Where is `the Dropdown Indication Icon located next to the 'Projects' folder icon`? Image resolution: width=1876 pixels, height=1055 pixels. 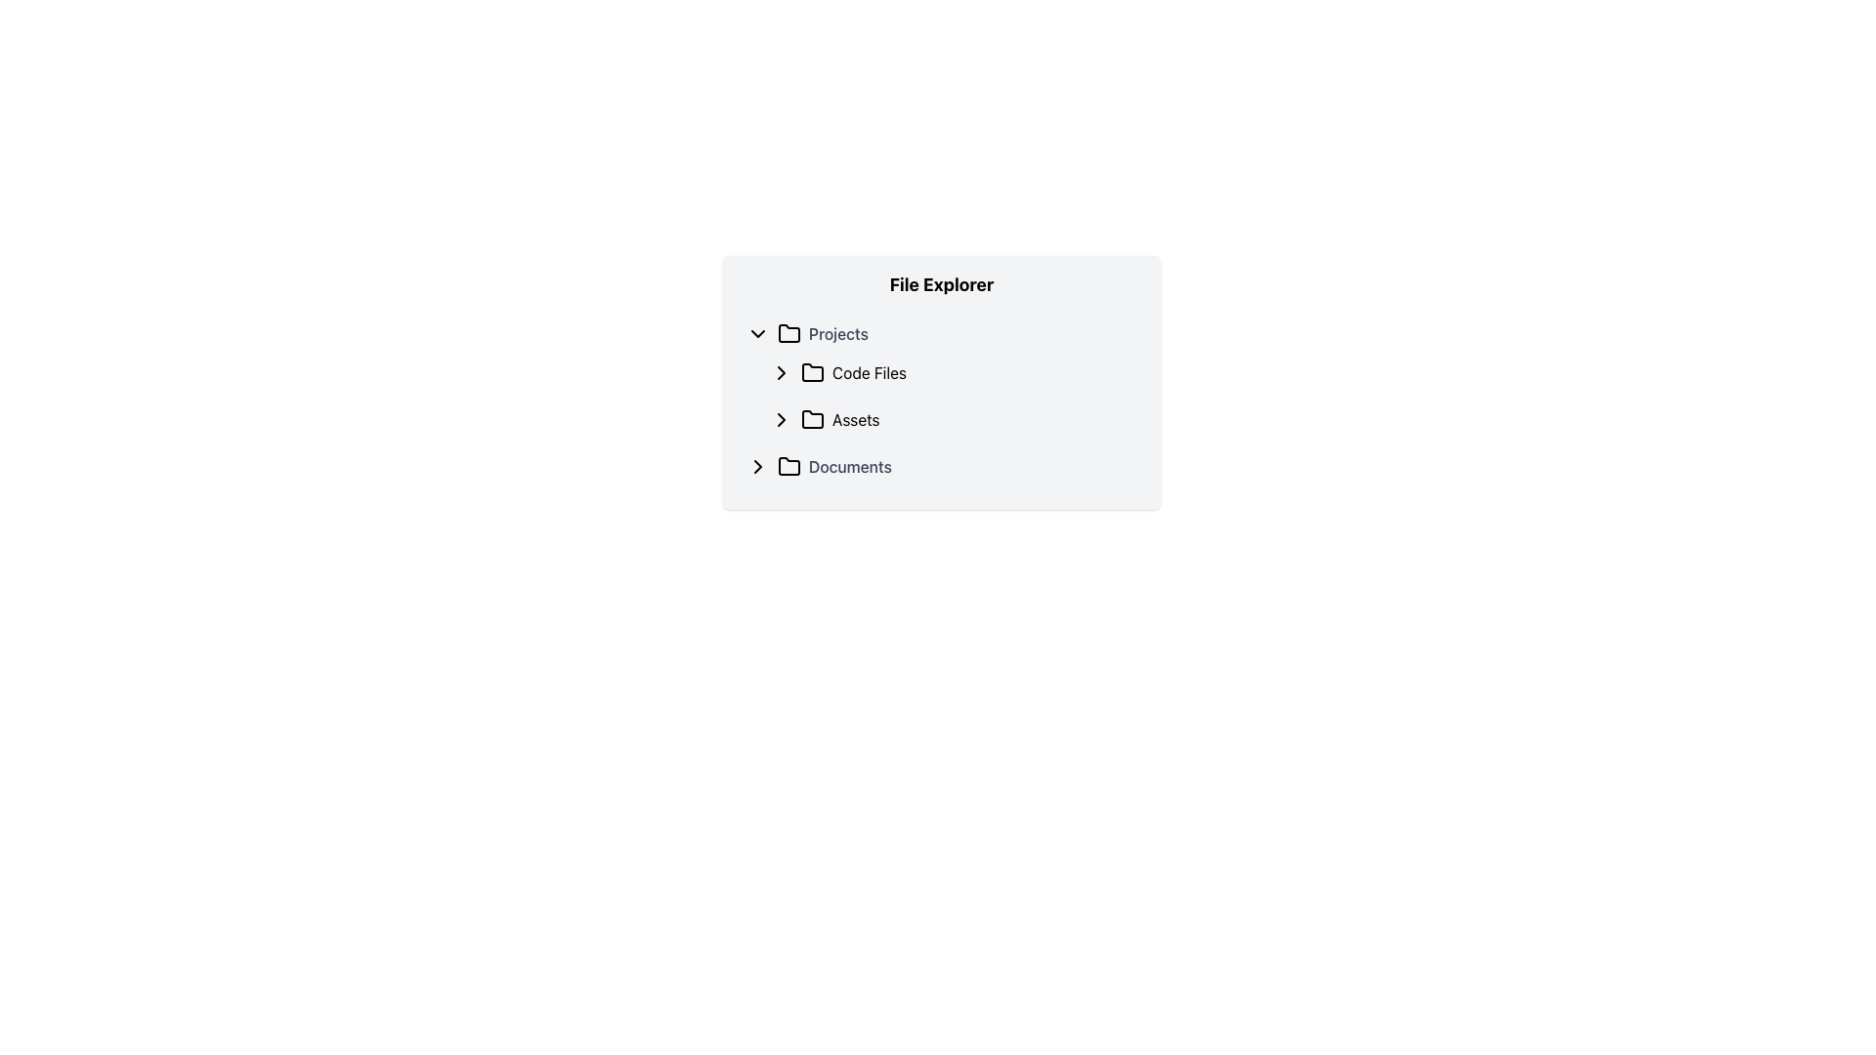 the Dropdown Indication Icon located next to the 'Projects' folder icon is located at coordinates (757, 333).